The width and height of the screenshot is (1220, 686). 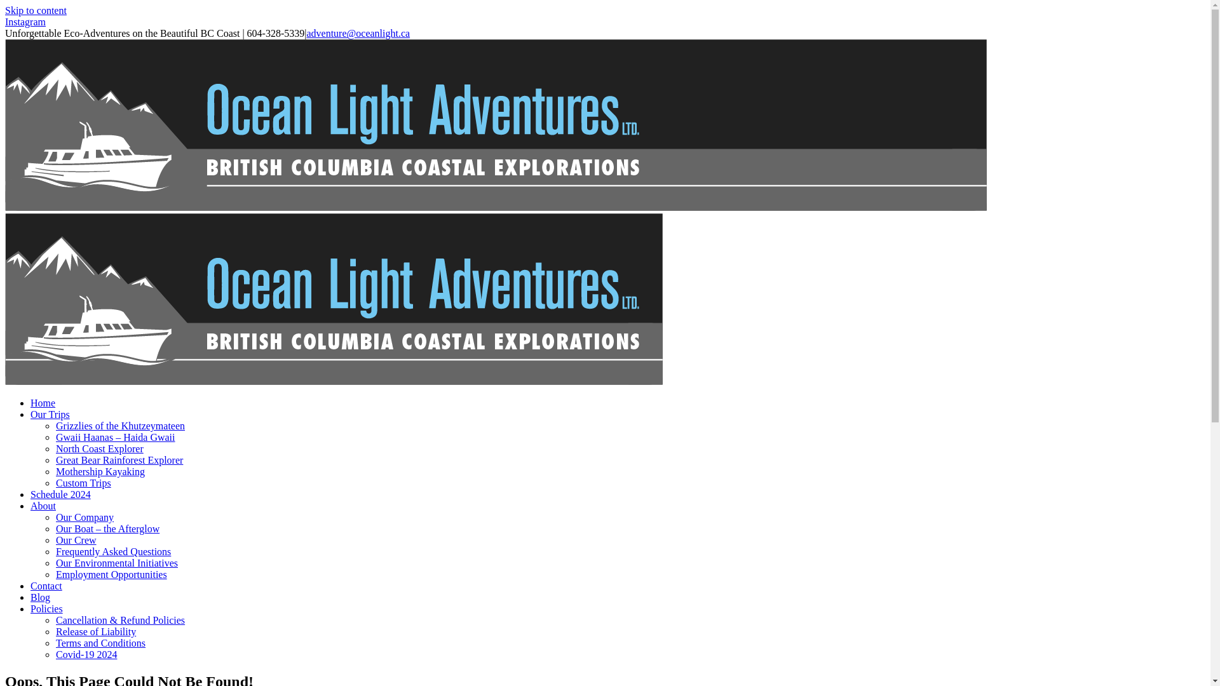 I want to click on 'Cancellation & Refund Policies', so click(x=120, y=619).